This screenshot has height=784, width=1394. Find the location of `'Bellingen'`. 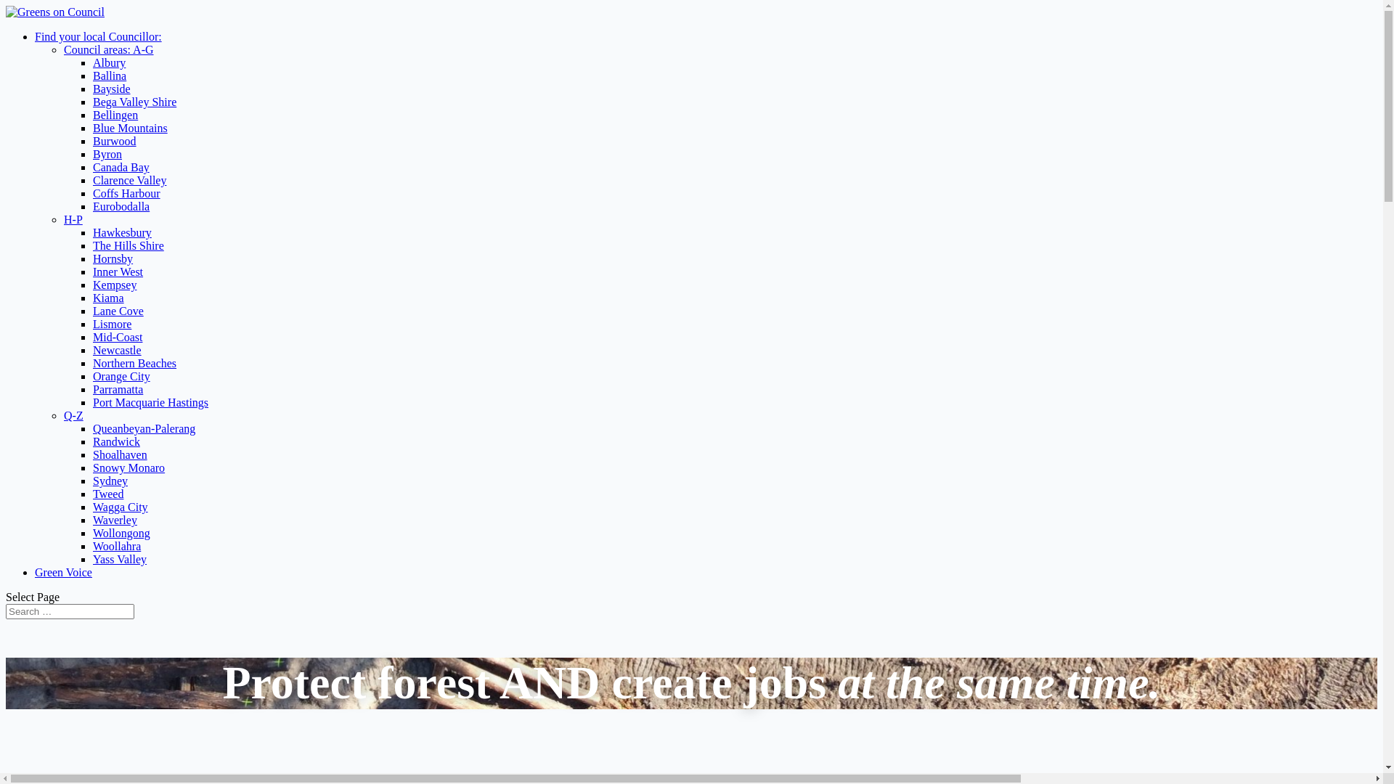

'Bellingen' is located at coordinates (114, 114).